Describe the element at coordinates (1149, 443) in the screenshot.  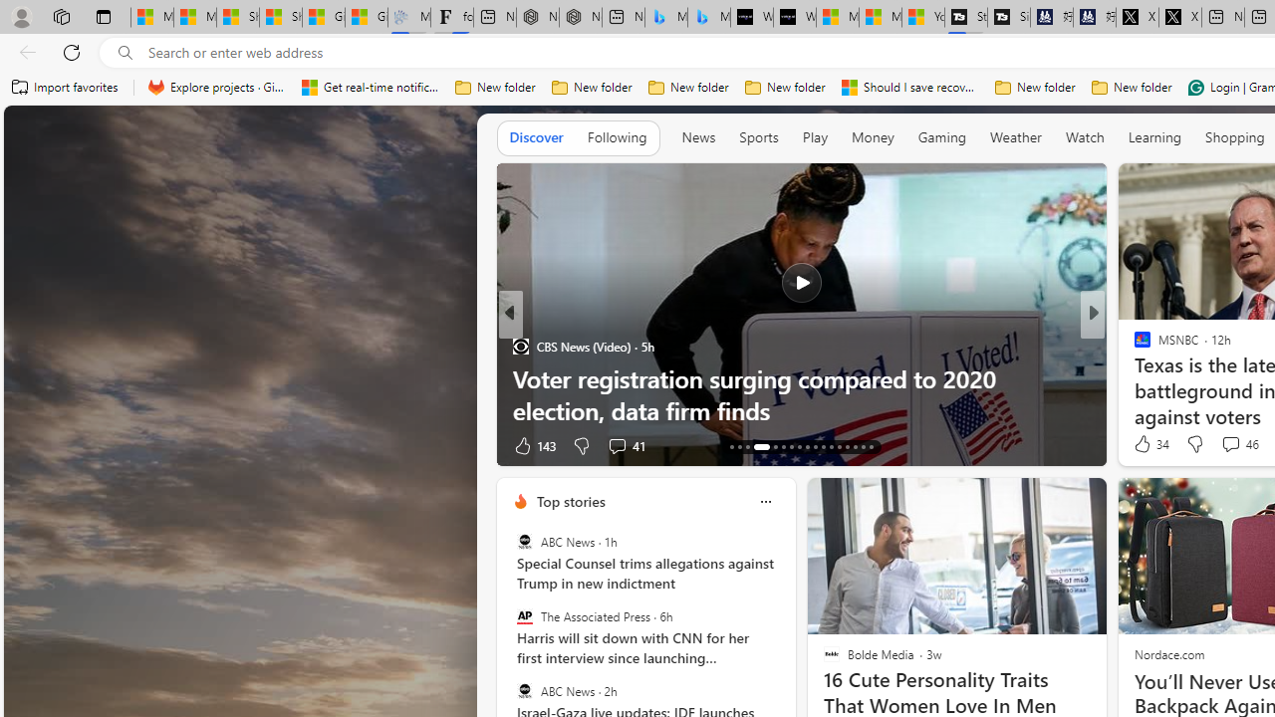
I see `'34 Like'` at that location.